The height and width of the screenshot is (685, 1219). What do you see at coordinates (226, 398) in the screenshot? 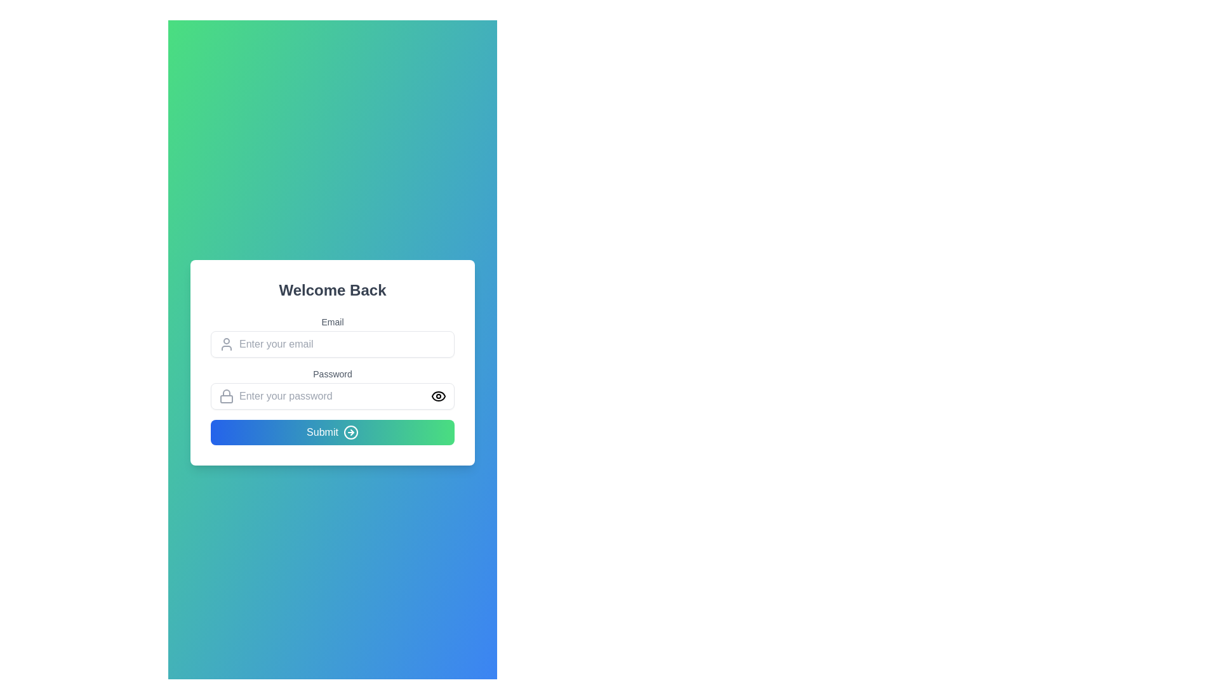
I see `the lower portion of the lock icon, which is a small rectangular shape with rounded corners, located to the left of the 'Password' input field` at bounding box center [226, 398].